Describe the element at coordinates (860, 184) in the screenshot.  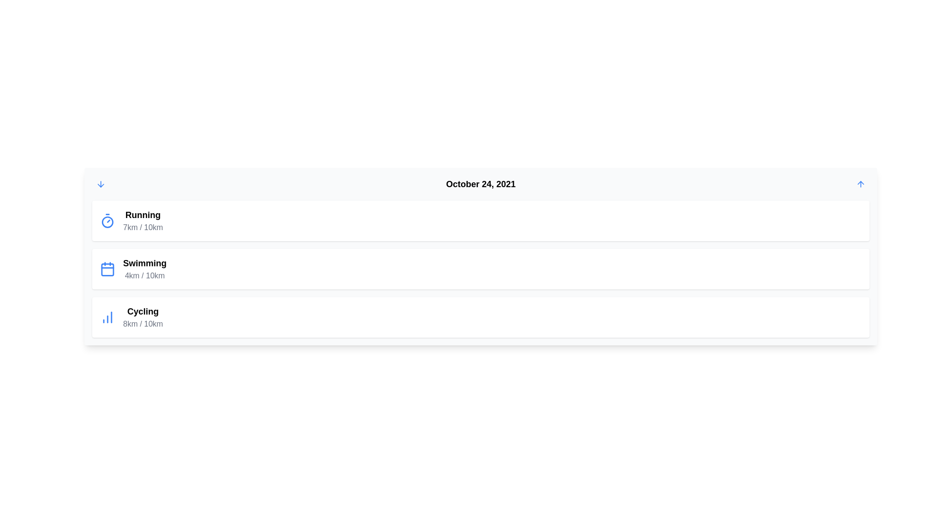
I see `the small upward-pointing blue arrow icon button located in the top-right corner of the header section` at that location.